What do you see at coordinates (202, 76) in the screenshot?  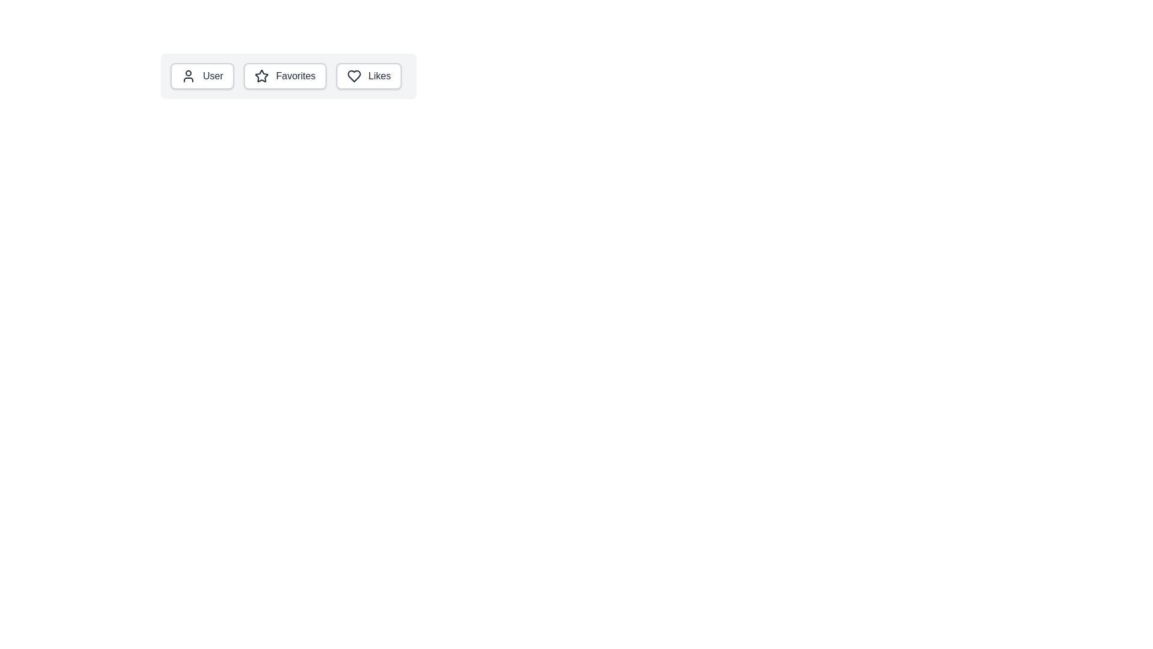 I see `the User chip to view its hover effects` at bounding box center [202, 76].